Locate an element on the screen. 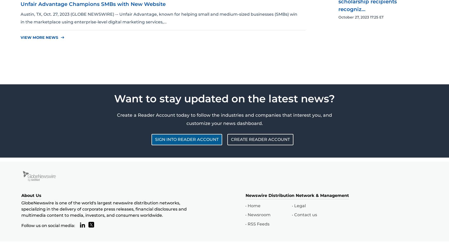  'Home' is located at coordinates (254, 206).